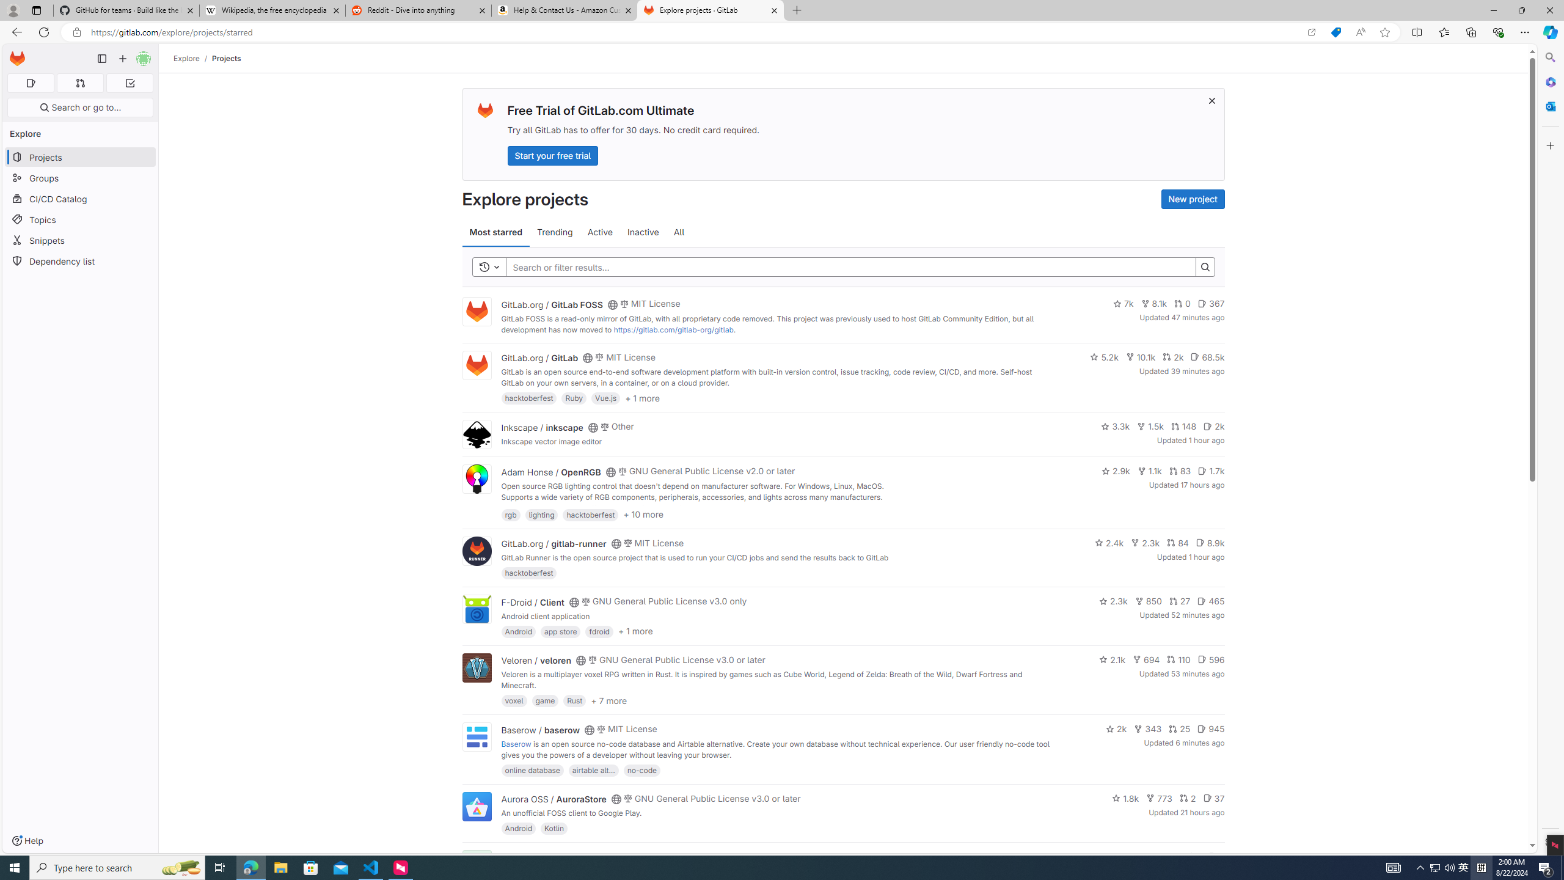  Describe the element at coordinates (510, 513) in the screenshot. I see `'rgb'` at that location.